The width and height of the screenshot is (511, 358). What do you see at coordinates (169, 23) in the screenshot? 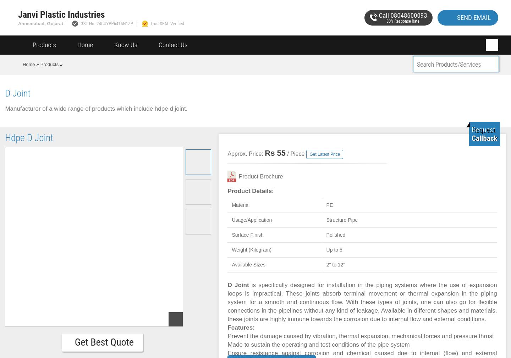
I see `'Verified'` at bounding box center [169, 23].